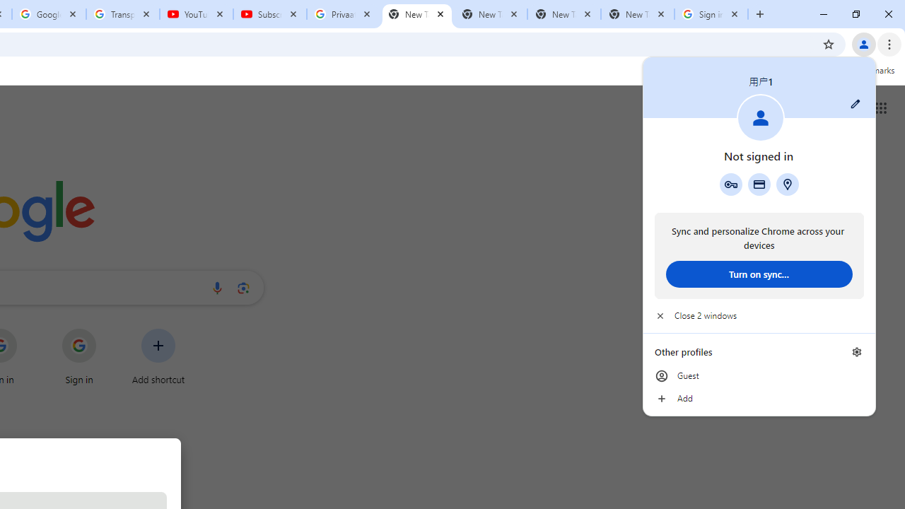  Describe the element at coordinates (787, 184) in the screenshot. I see `'Addresses and more'` at that location.